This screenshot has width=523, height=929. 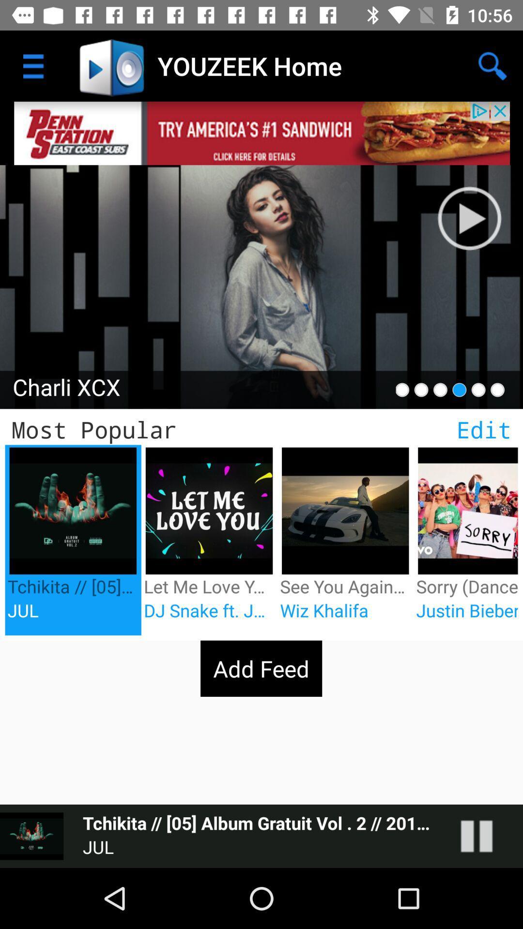 What do you see at coordinates (479, 208) in the screenshot?
I see `the play icon` at bounding box center [479, 208].